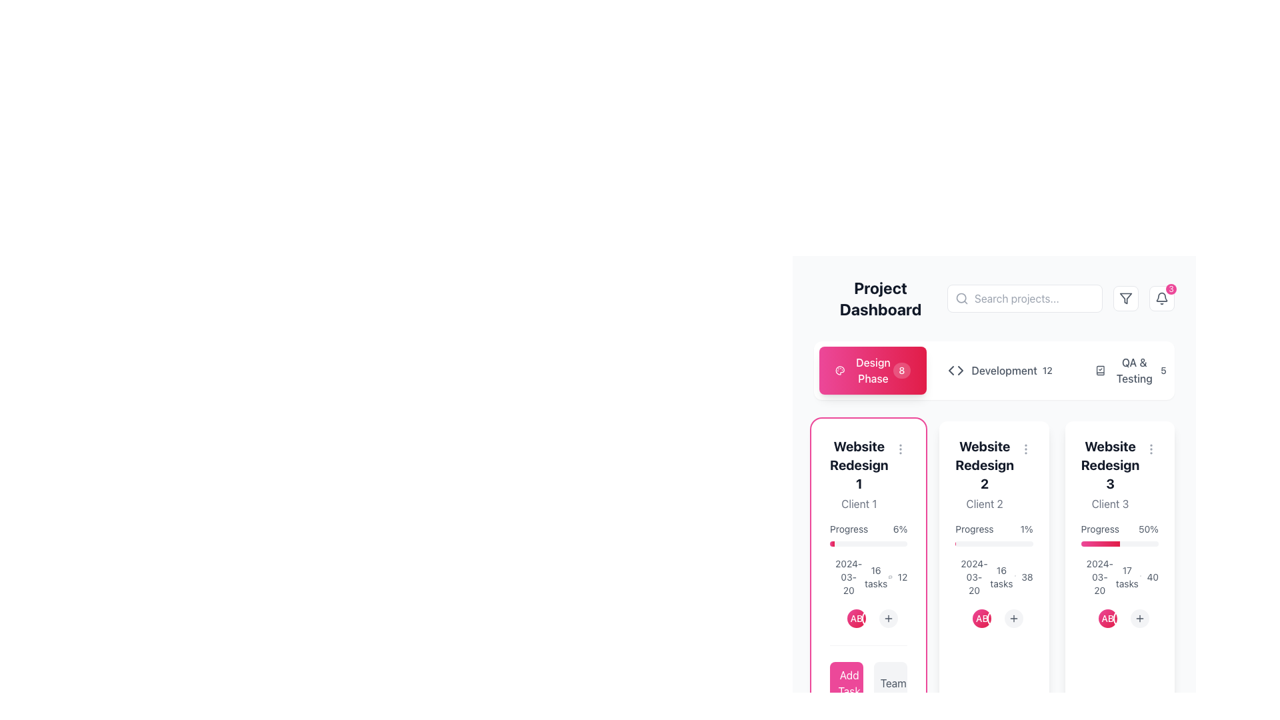  I want to click on the grid layout containing the date '2024-03-20', task count '16 tasks', and number '12' for additional information, so click(869, 577).